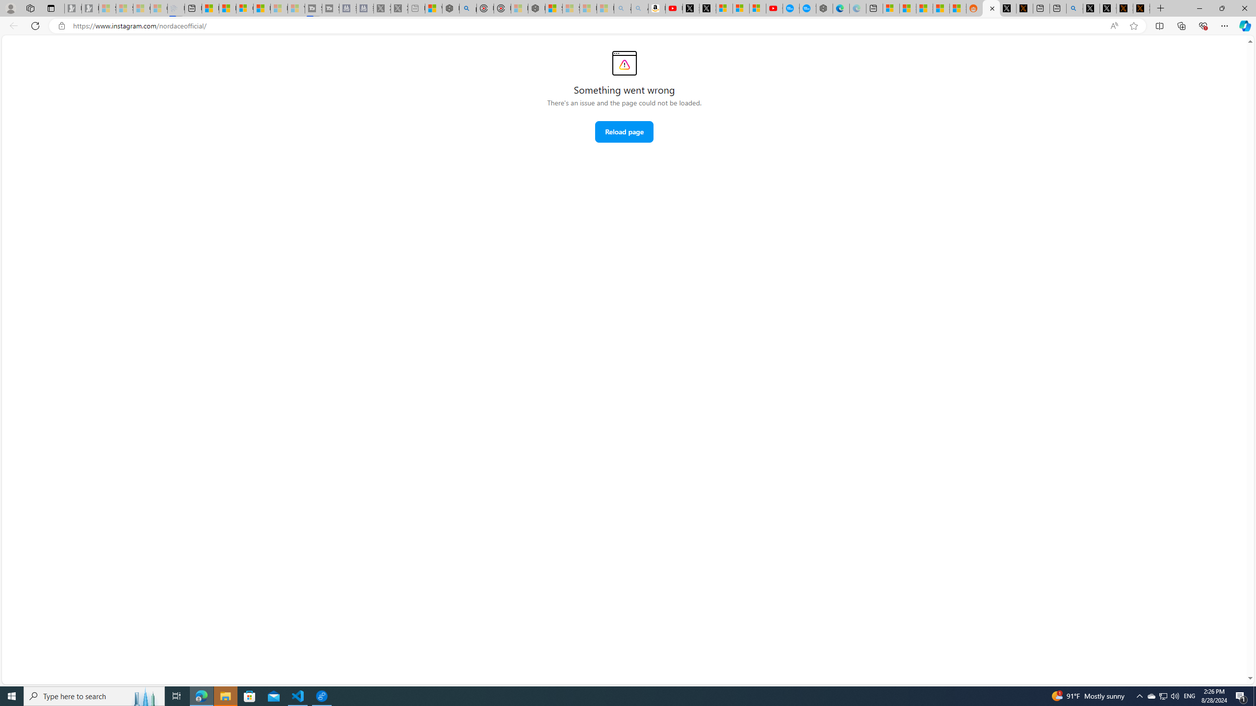  I want to click on 'amazon - Search - Sleeping', so click(622, 8).